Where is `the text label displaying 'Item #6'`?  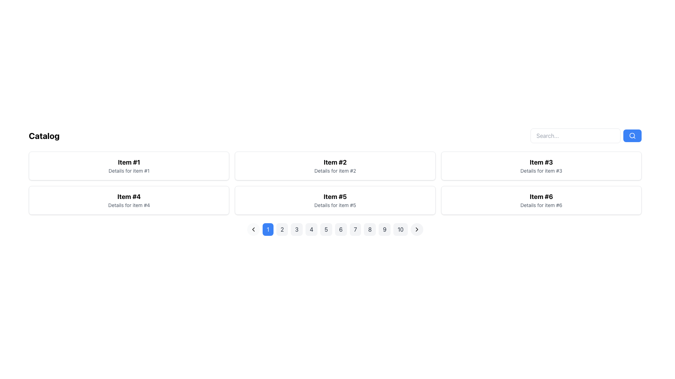
the text label displaying 'Item #6' is located at coordinates (541, 197).